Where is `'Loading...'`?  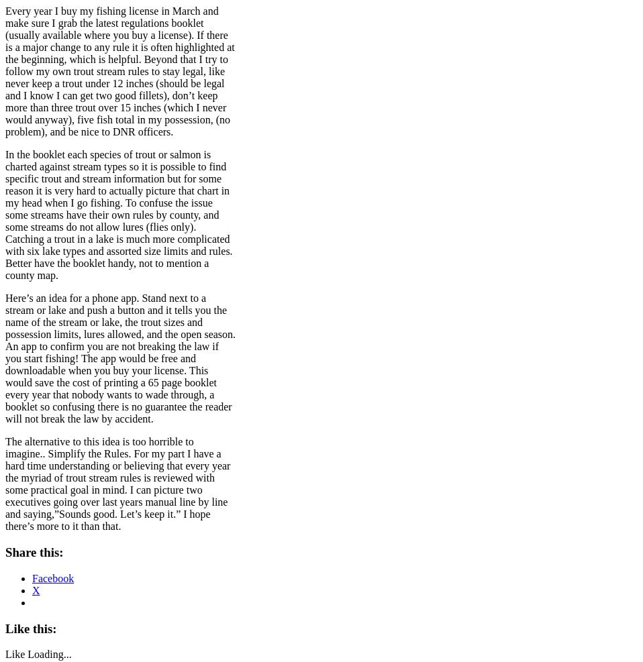
'Loading...' is located at coordinates (48, 654).